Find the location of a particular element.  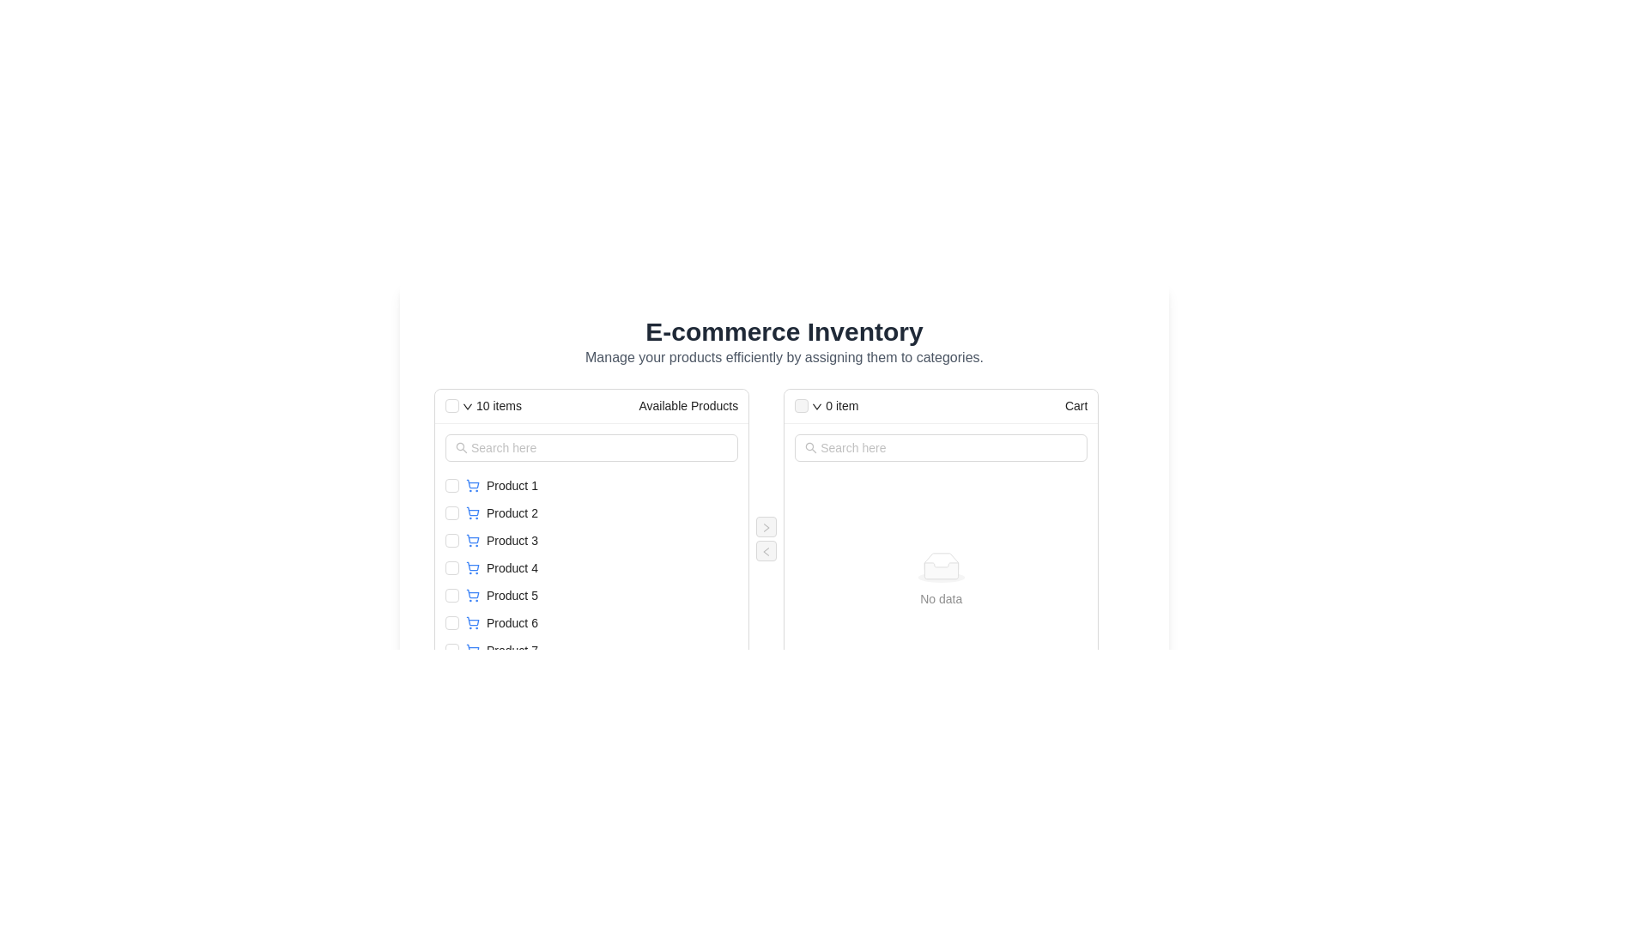

the small left arrow button located in a right-aligned vertical section between two panels is located at coordinates (766, 550).